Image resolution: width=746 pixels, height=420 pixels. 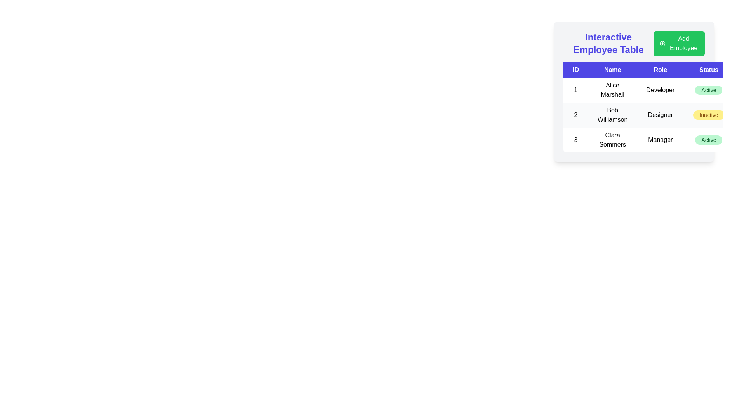 What do you see at coordinates (576, 139) in the screenshot?
I see `text label representing the ID for the row entry of Clara Sommers in the Interactive Employee Table, located in the first column of the third row` at bounding box center [576, 139].